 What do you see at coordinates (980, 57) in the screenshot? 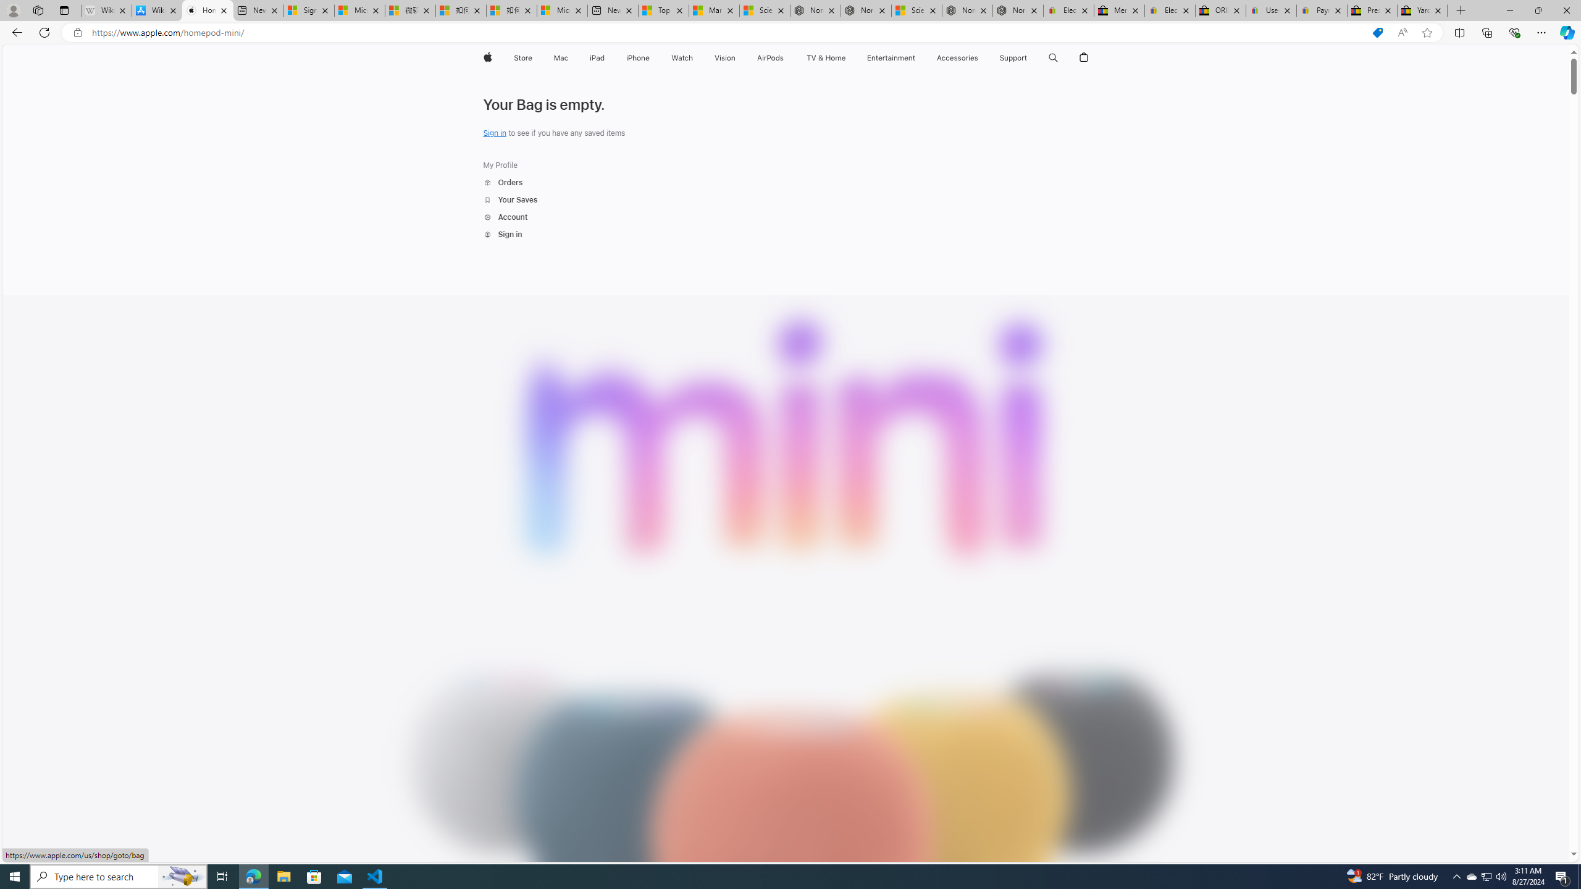
I see `'Accessories menu'` at bounding box center [980, 57].